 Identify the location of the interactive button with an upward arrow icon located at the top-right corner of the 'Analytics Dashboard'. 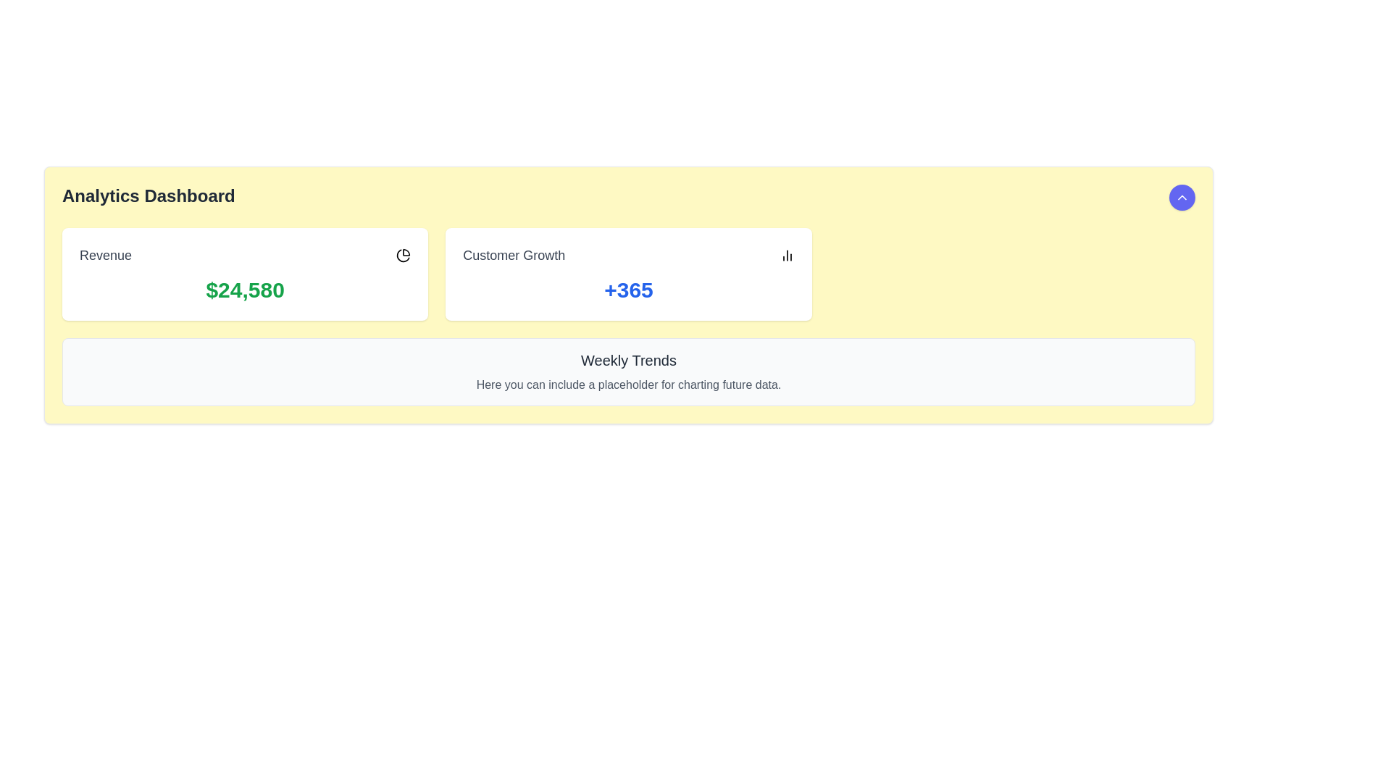
(1182, 198).